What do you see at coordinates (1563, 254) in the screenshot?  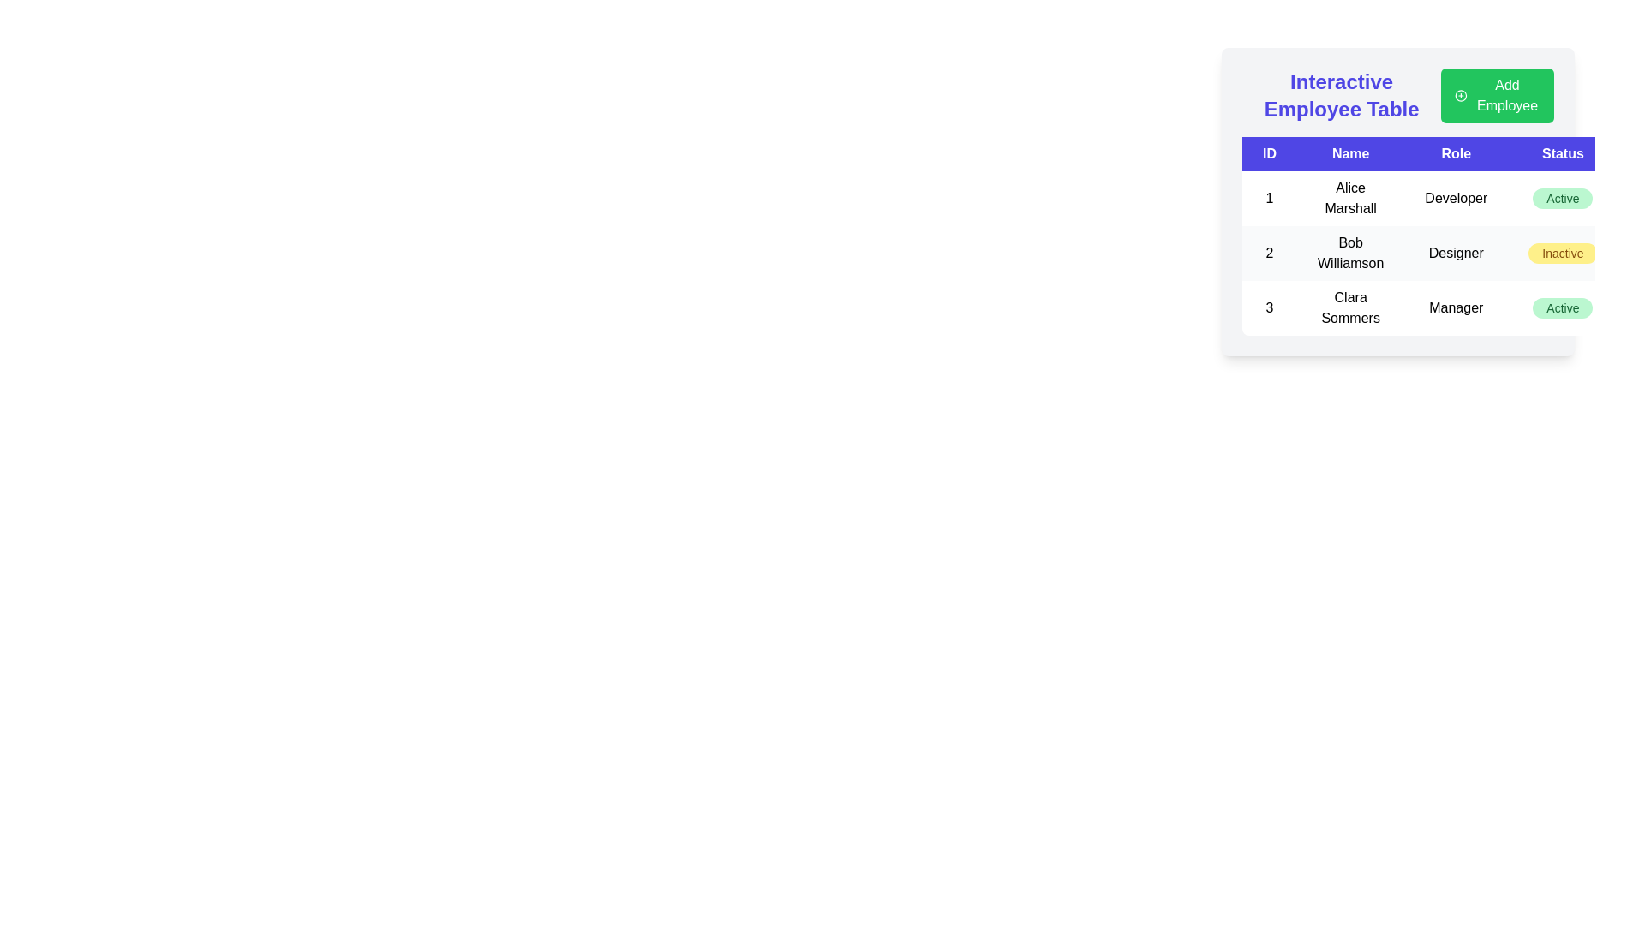 I see `the status indicator label for user 'Bob Williamson', which shows that he is currently inactive, located in the fourth column of his row` at bounding box center [1563, 254].